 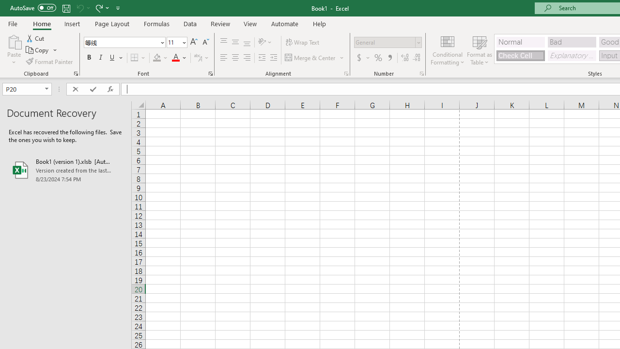 What do you see at coordinates (284, 23) in the screenshot?
I see `'Automate'` at bounding box center [284, 23].